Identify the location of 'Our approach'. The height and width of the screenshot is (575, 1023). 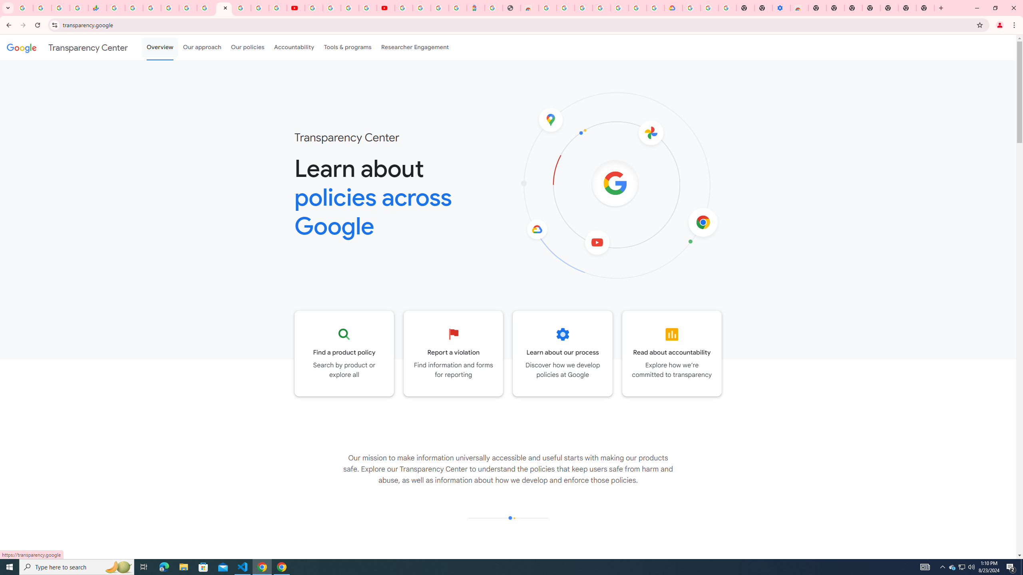
(202, 47).